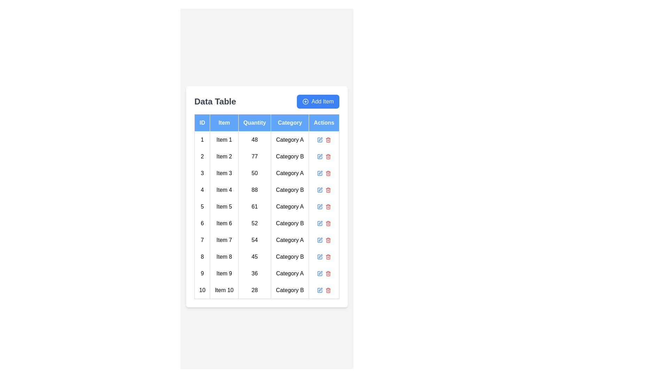 The width and height of the screenshot is (669, 376). Describe the element at coordinates (328, 190) in the screenshot. I see `the Icon button in the 'Actions' column of the fourth row in the data table` at that location.